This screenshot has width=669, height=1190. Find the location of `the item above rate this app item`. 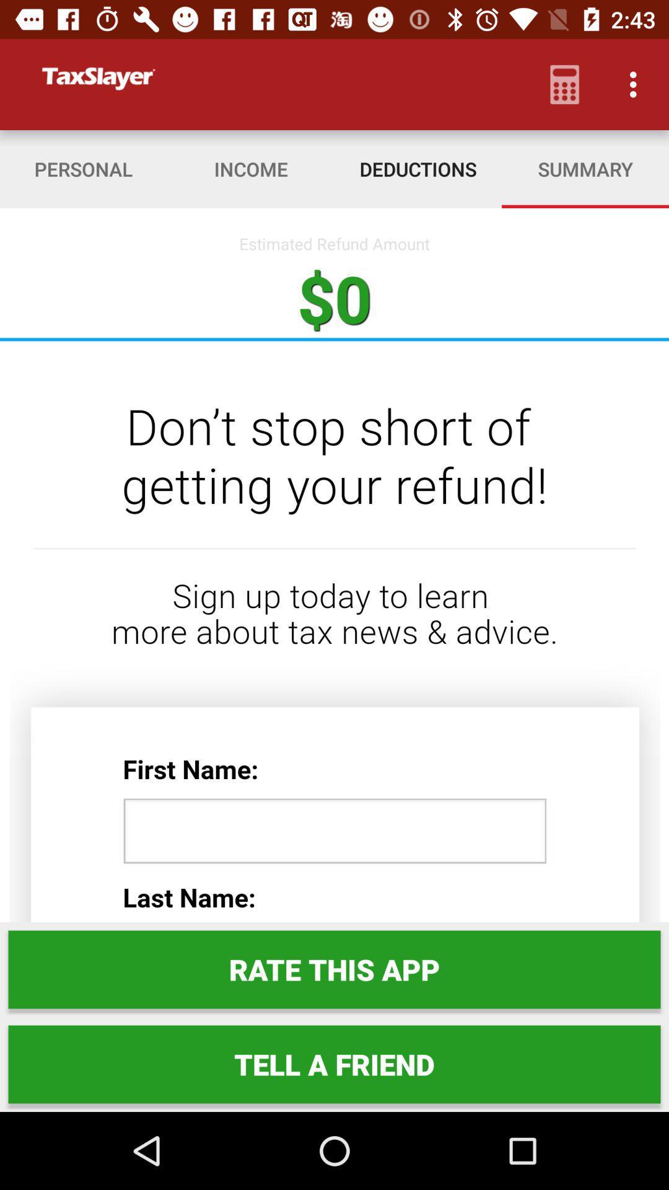

the item above rate this app item is located at coordinates (334, 632).